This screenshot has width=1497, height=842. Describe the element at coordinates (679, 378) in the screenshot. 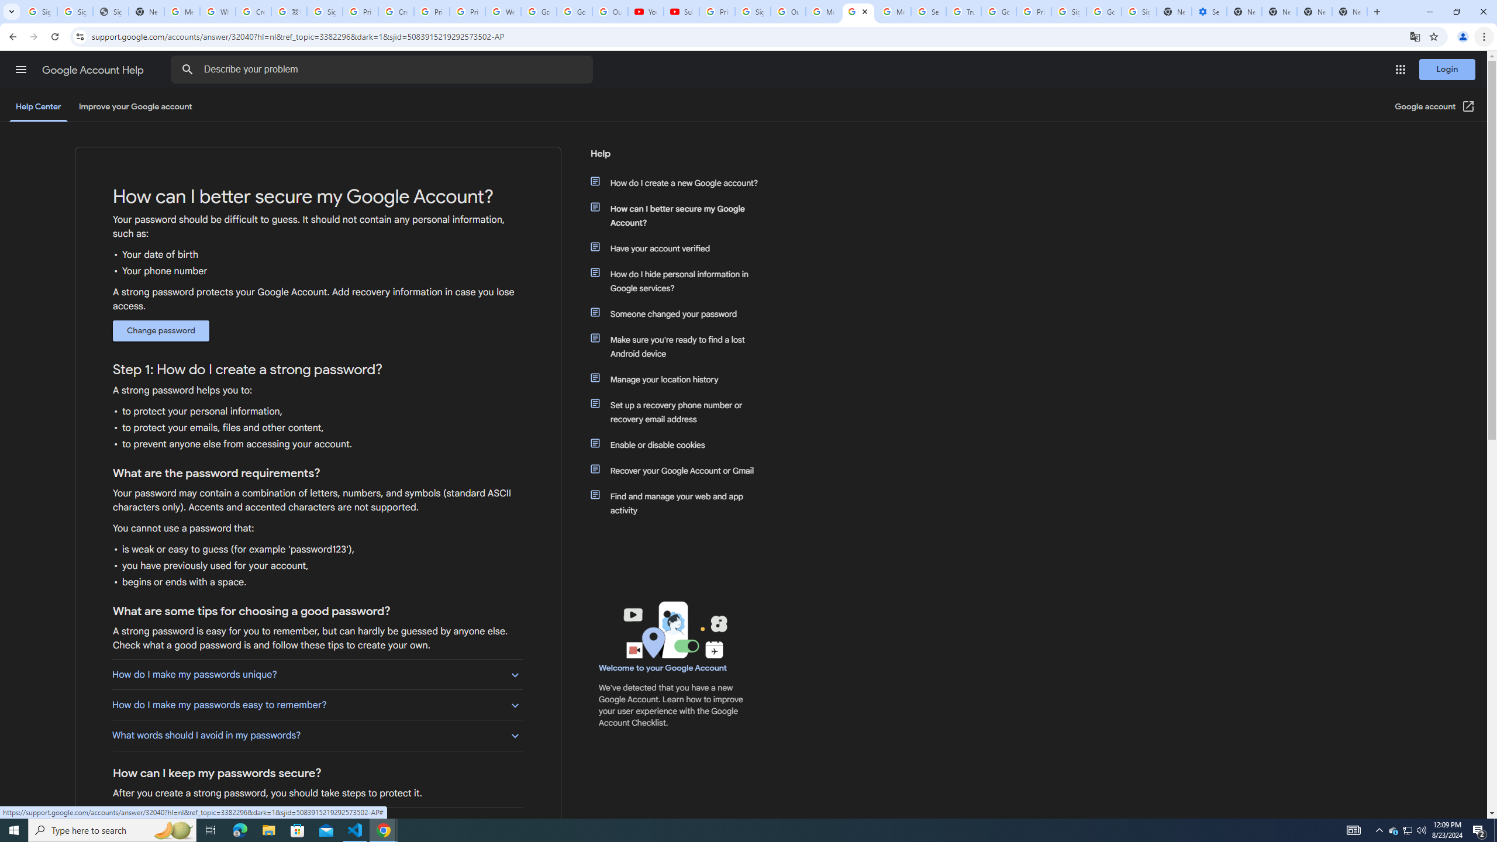

I see `'Manage your location history'` at that location.